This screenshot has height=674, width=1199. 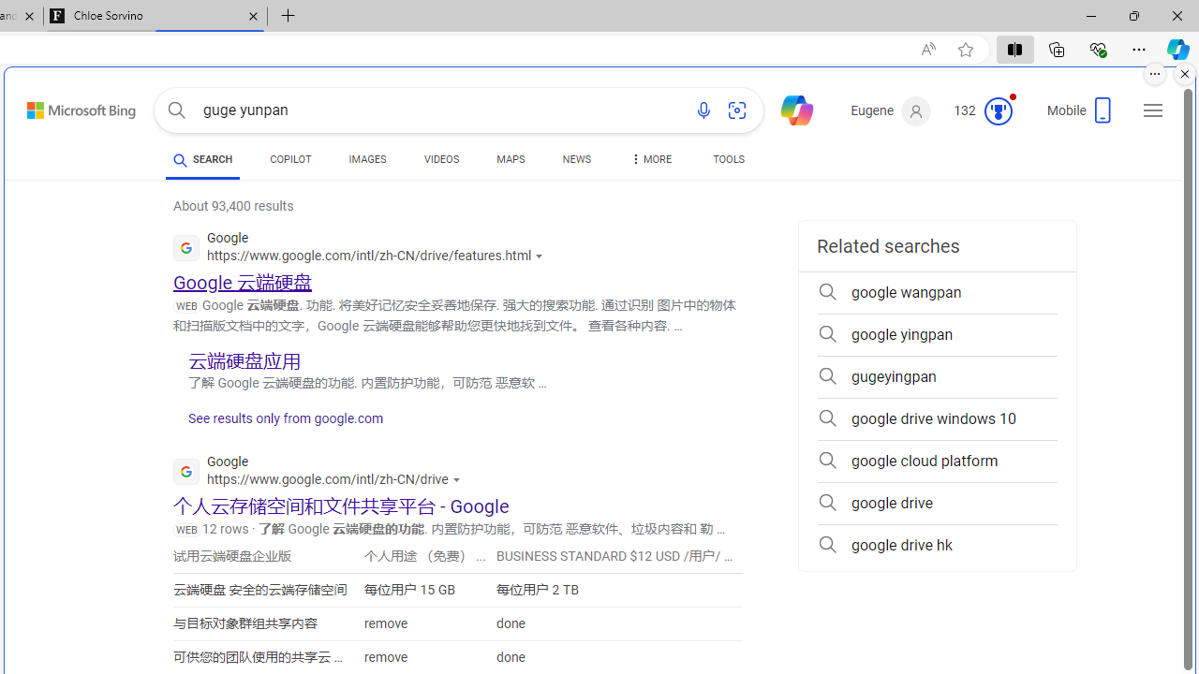 I want to click on 'SEARCH', so click(x=202, y=158).